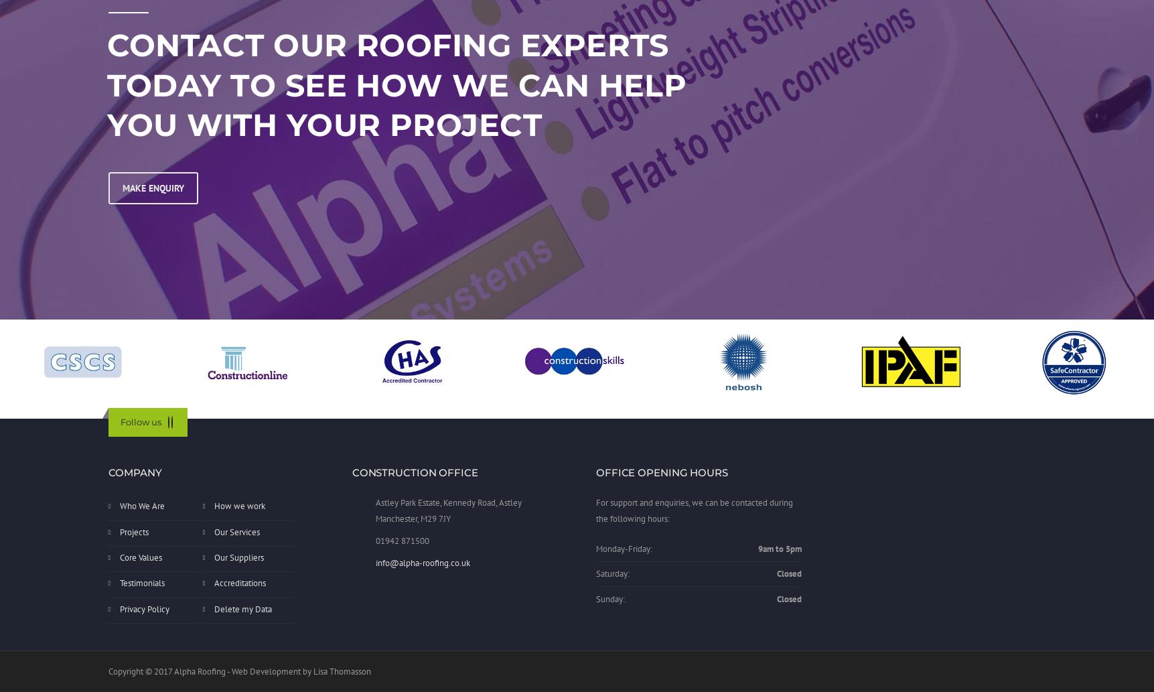 Image resolution: width=1154 pixels, height=692 pixels. Describe the element at coordinates (623, 548) in the screenshot. I see `'Monday-Friday:'` at that location.